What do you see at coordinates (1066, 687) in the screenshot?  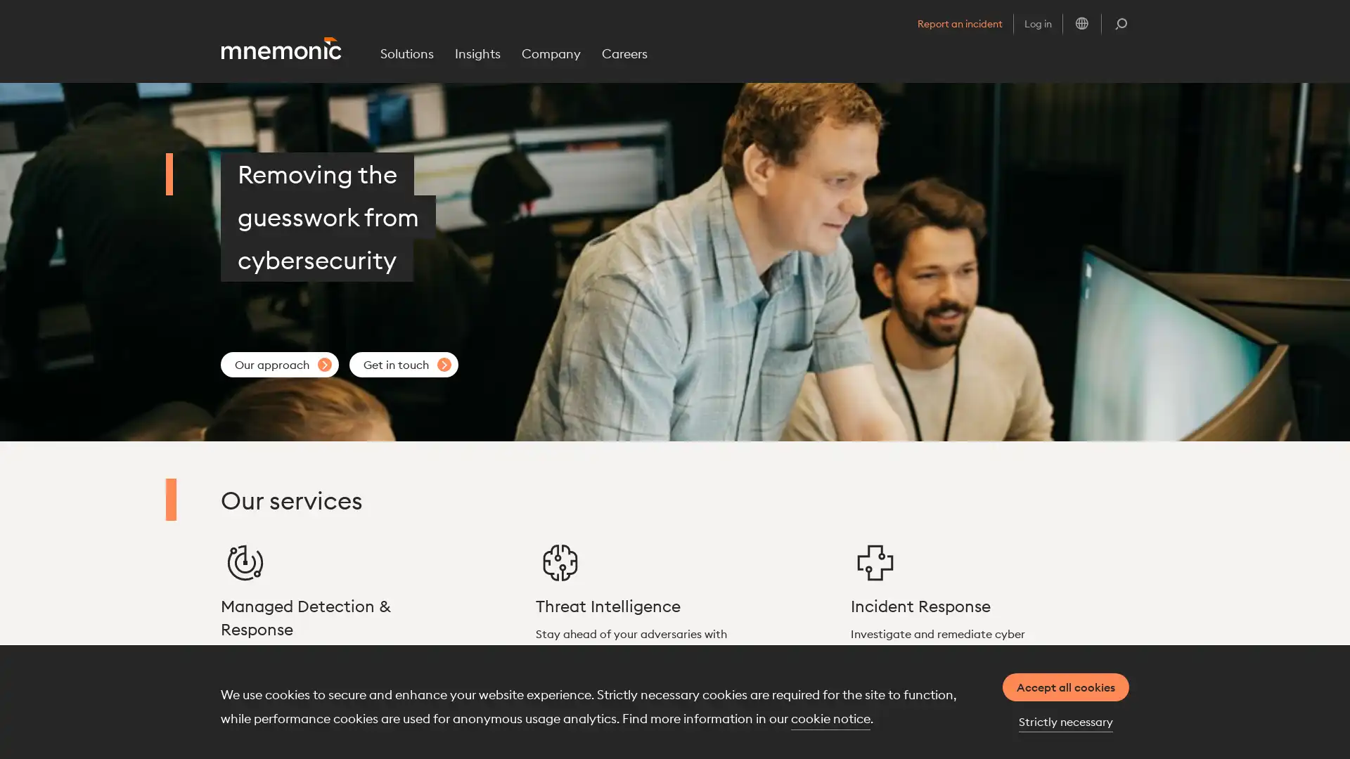 I see `Accept all cookies` at bounding box center [1066, 687].